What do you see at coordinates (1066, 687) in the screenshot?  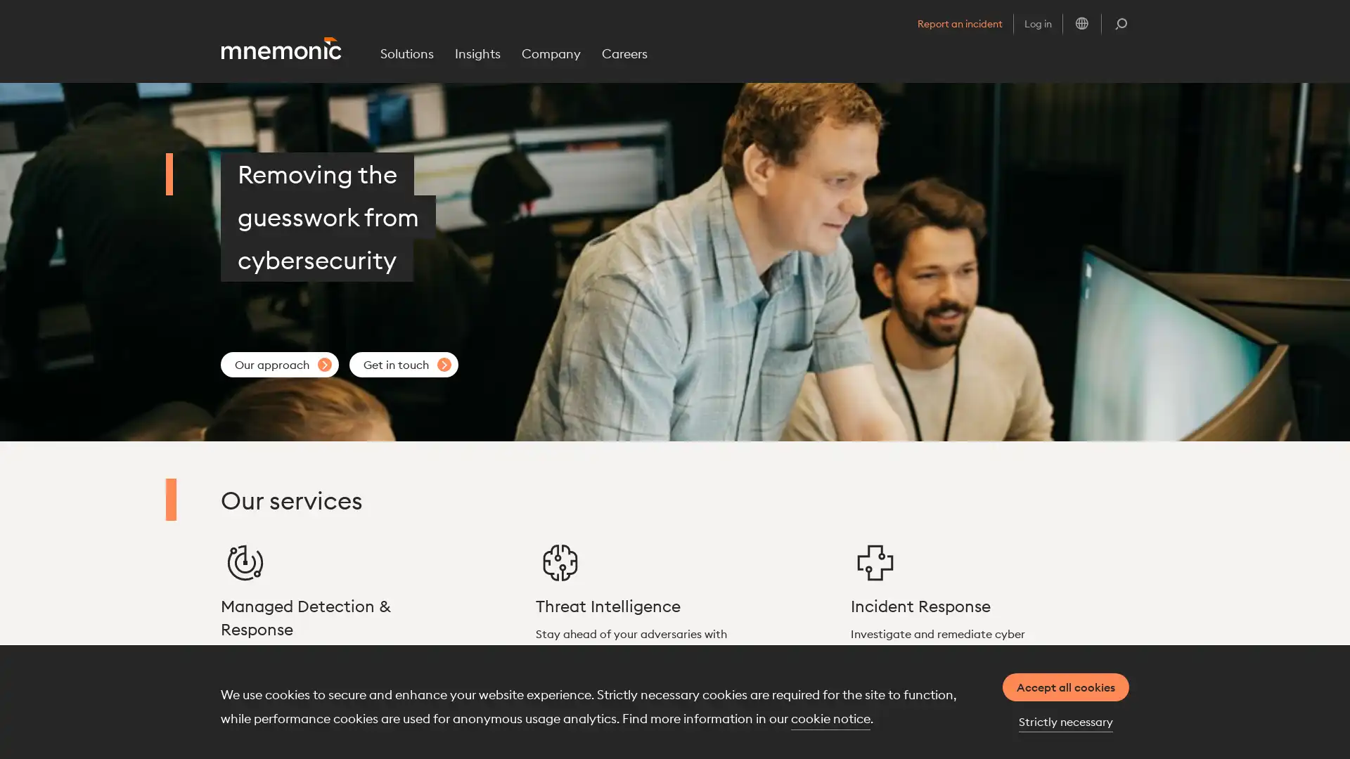 I see `Accept all cookies` at bounding box center [1066, 687].